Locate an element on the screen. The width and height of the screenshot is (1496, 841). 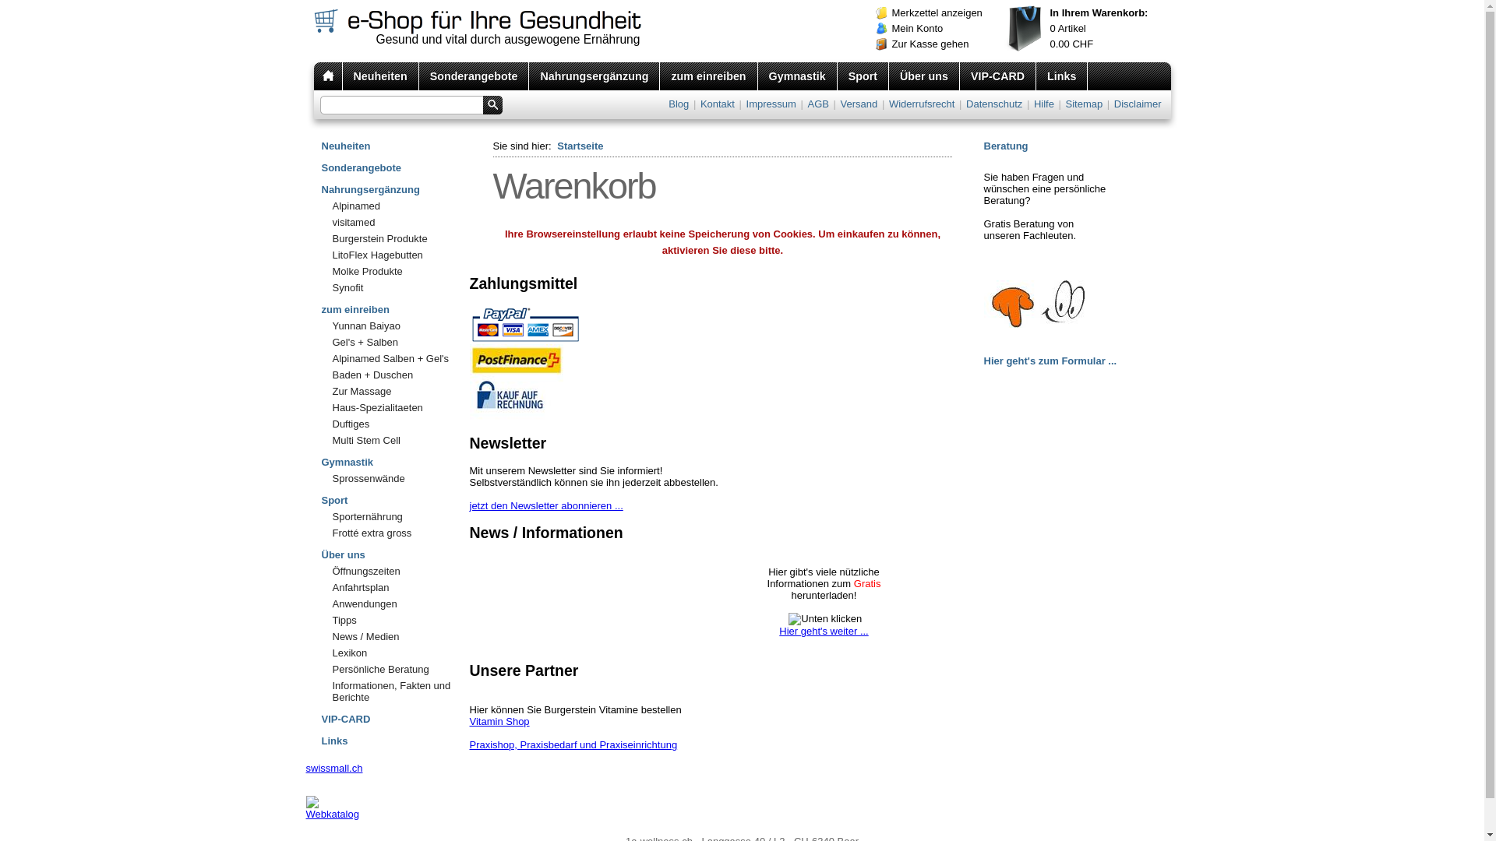
'Versand' is located at coordinates (859, 104).